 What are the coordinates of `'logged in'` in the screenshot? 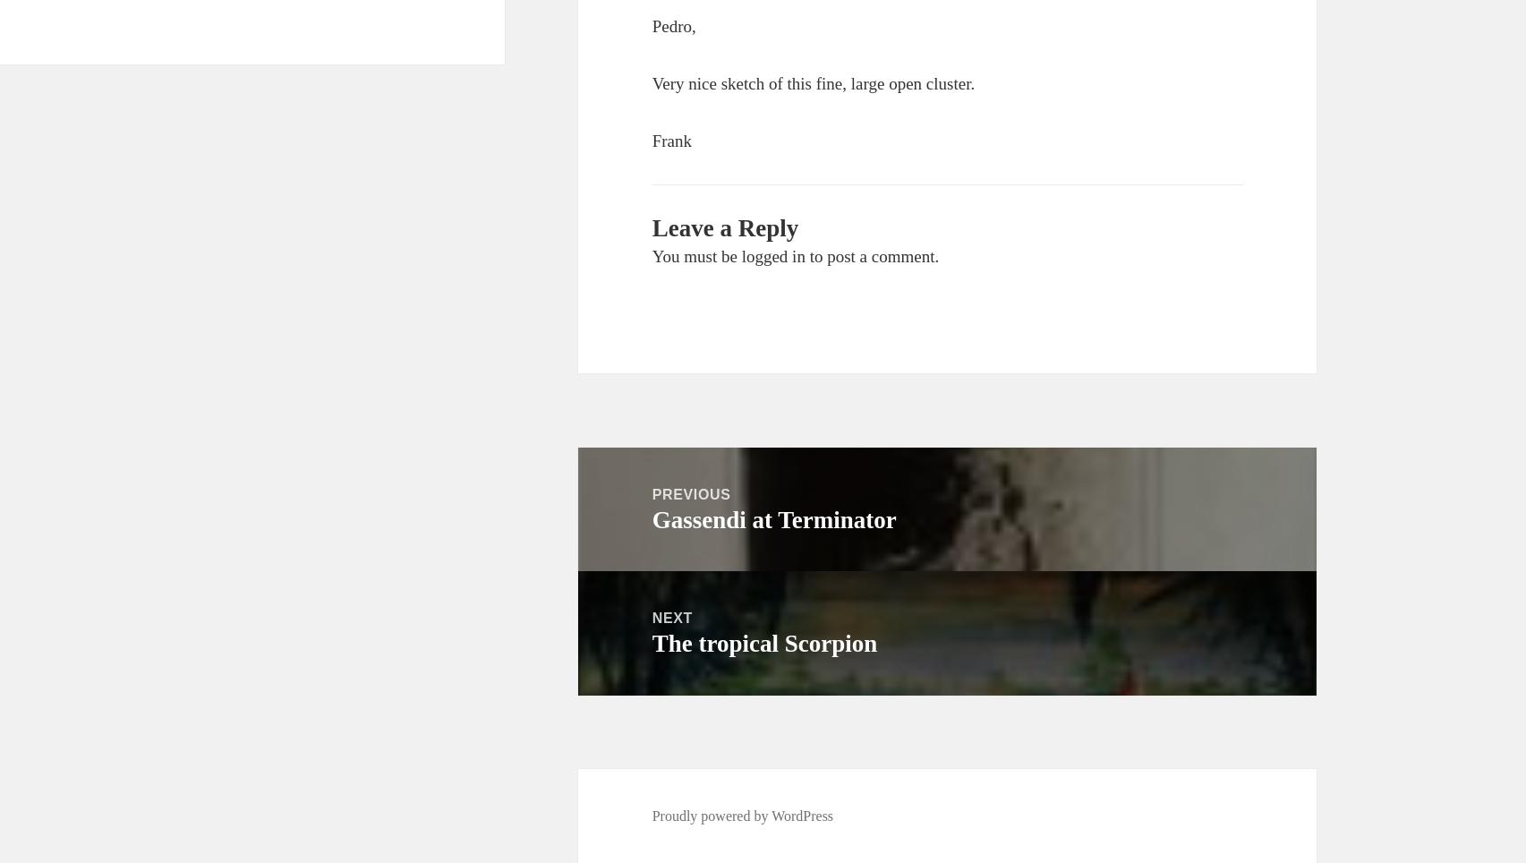 It's located at (772, 255).